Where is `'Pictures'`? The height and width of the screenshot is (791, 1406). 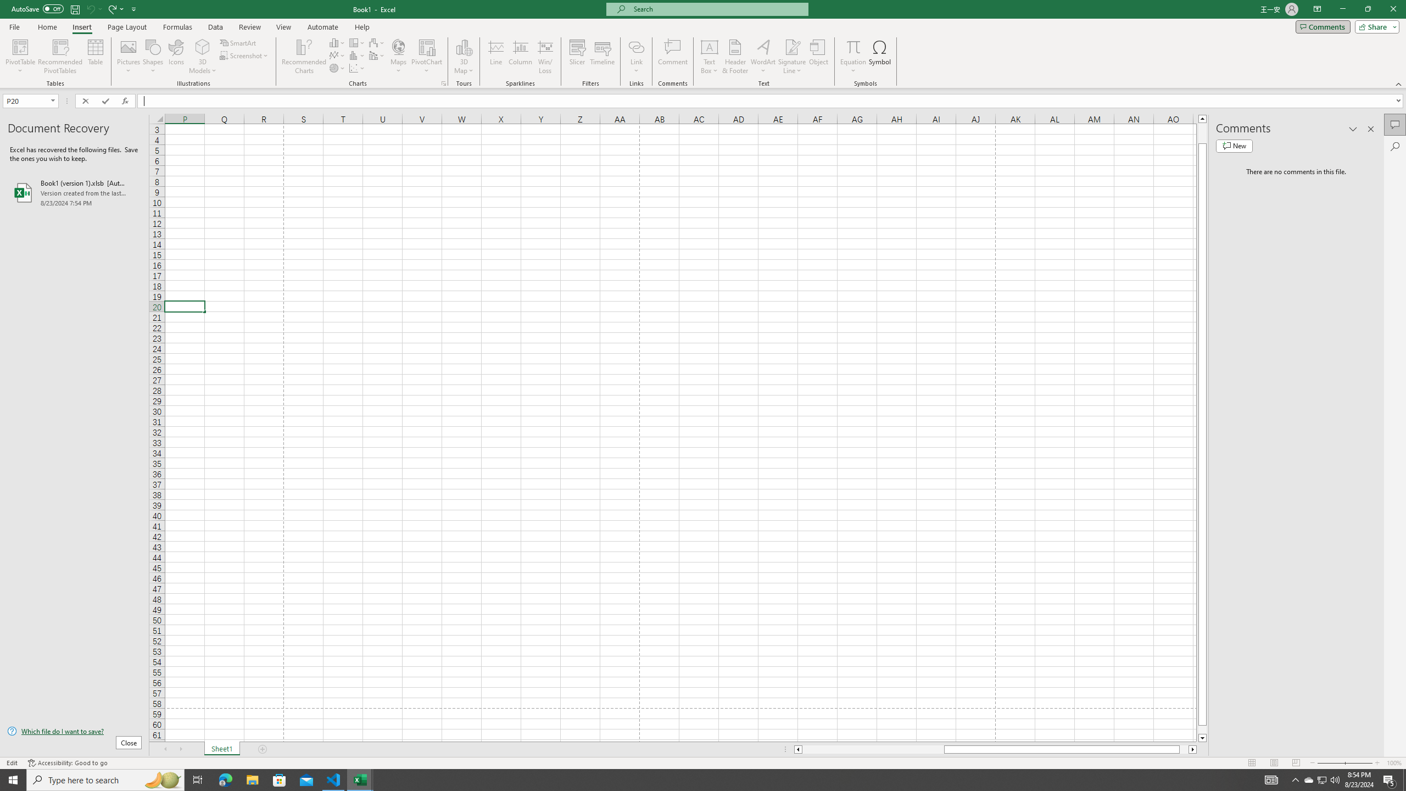 'Pictures' is located at coordinates (128, 57).